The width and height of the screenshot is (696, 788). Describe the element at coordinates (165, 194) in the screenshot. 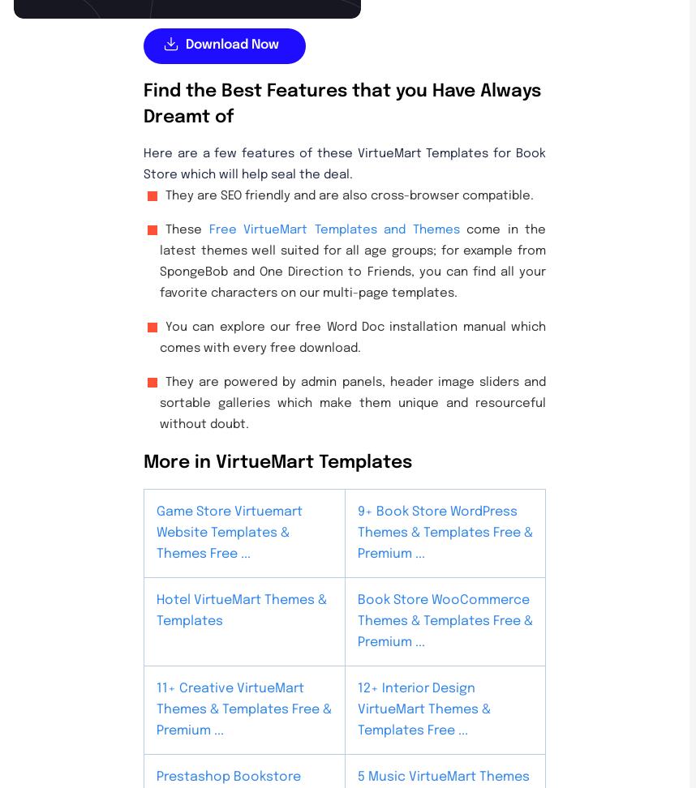

I see `'They are SEO friendly and are also cross-browser compatible.'` at that location.